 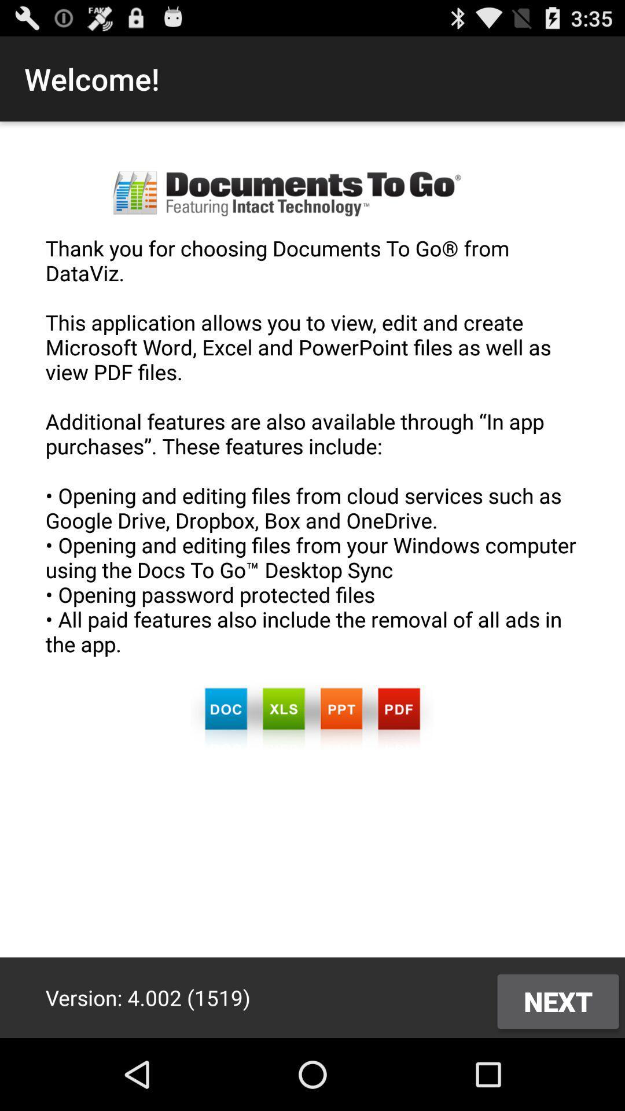 What do you see at coordinates (557, 1001) in the screenshot?
I see `icon at the bottom right corner` at bounding box center [557, 1001].